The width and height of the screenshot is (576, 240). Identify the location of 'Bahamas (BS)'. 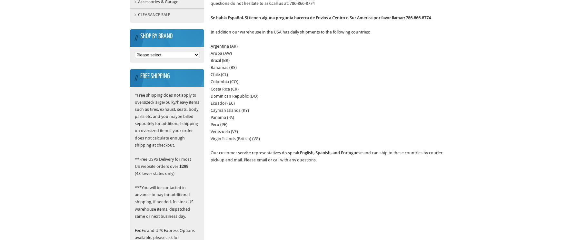
(223, 67).